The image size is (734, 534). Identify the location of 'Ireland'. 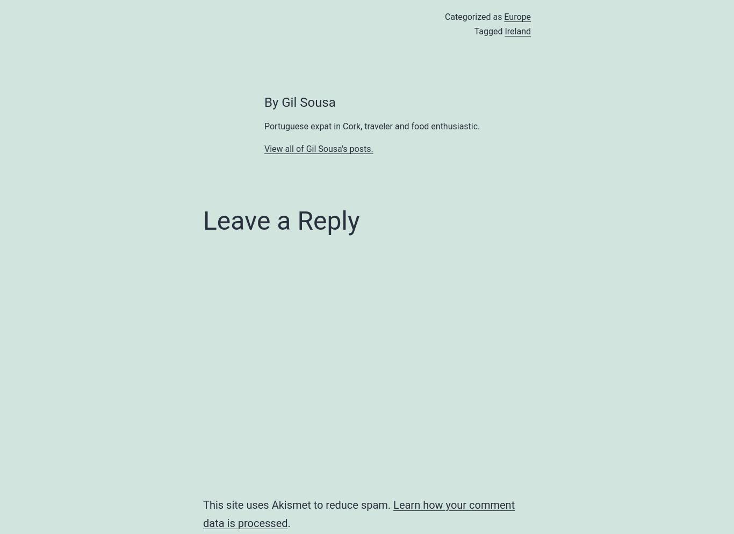
(517, 31).